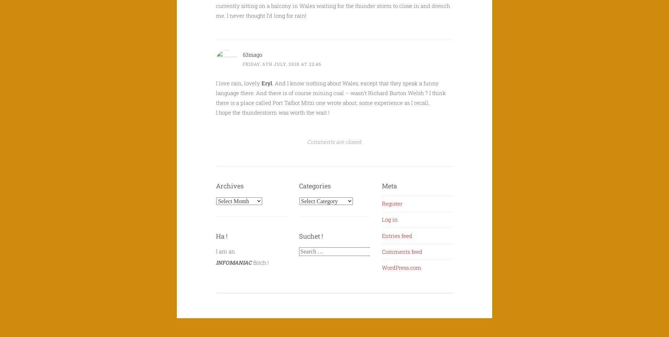 This screenshot has width=669, height=337. Describe the element at coordinates (239, 83) in the screenshot. I see `'I love rain, lovely'` at that location.